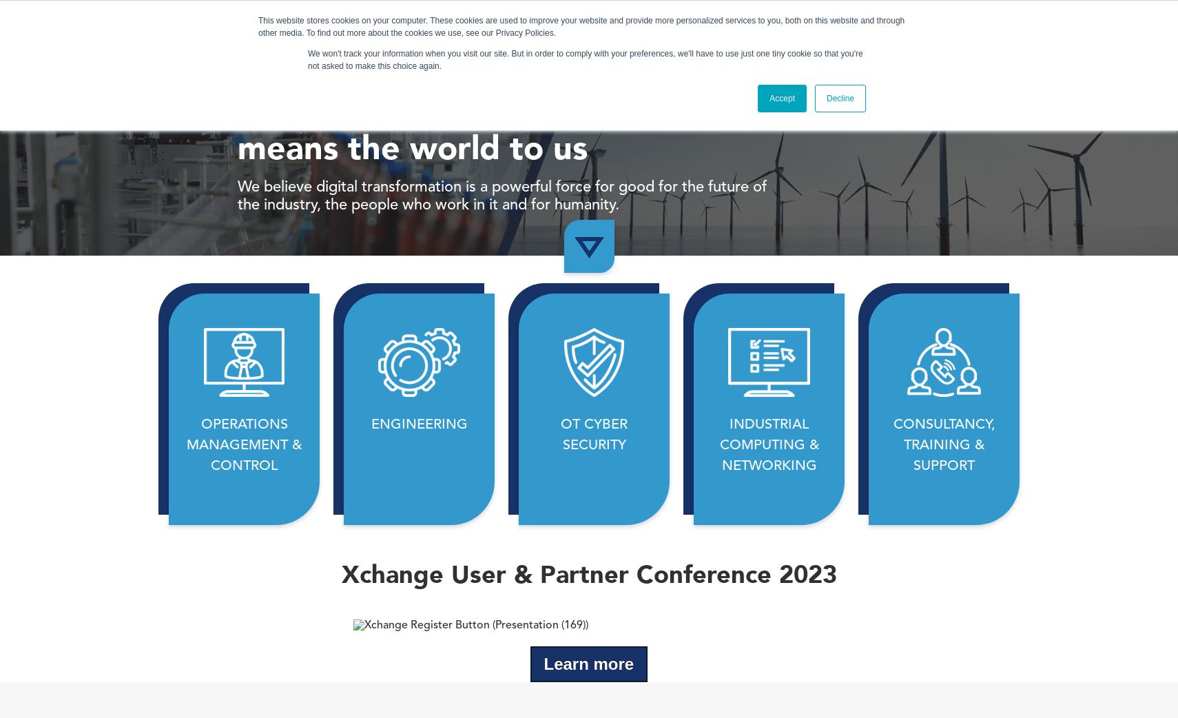 The height and width of the screenshot is (718, 1178). What do you see at coordinates (243, 445) in the screenshot?
I see `'OPERATIONS MANAGEMENT & CONTROL'` at bounding box center [243, 445].